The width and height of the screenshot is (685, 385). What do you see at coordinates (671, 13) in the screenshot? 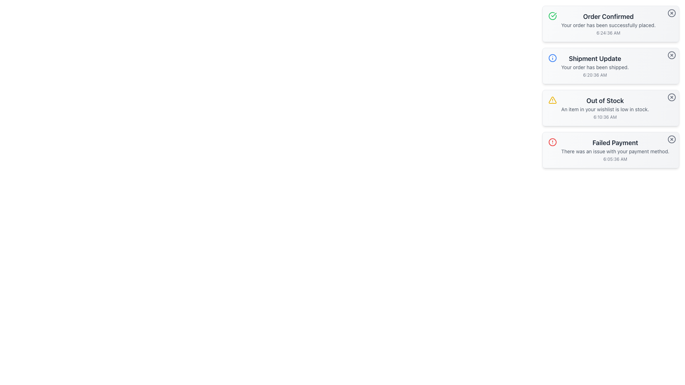
I see `the button located in the top-right corner of the 'Order Confirmed' notification card to change its color to black` at bounding box center [671, 13].